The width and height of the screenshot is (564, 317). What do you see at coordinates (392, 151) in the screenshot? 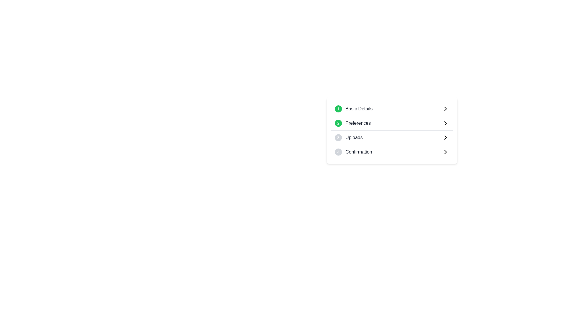
I see `the fourth list item in the navigation process` at bounding box center [392, 151].